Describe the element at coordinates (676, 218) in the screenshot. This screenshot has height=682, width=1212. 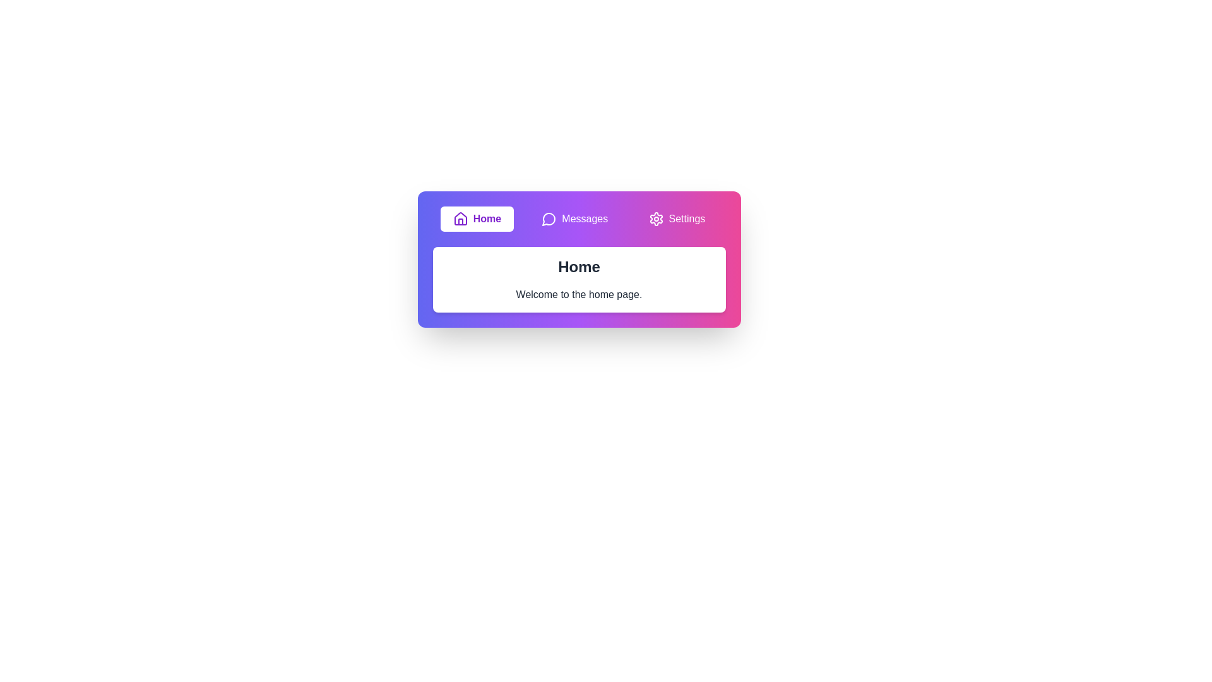
I see `the clickable label with icon located in the upper right of the interface, which provides navigation to settings-related functionality, positioned as the third item after 'Home' and 'Messages'` at that location.